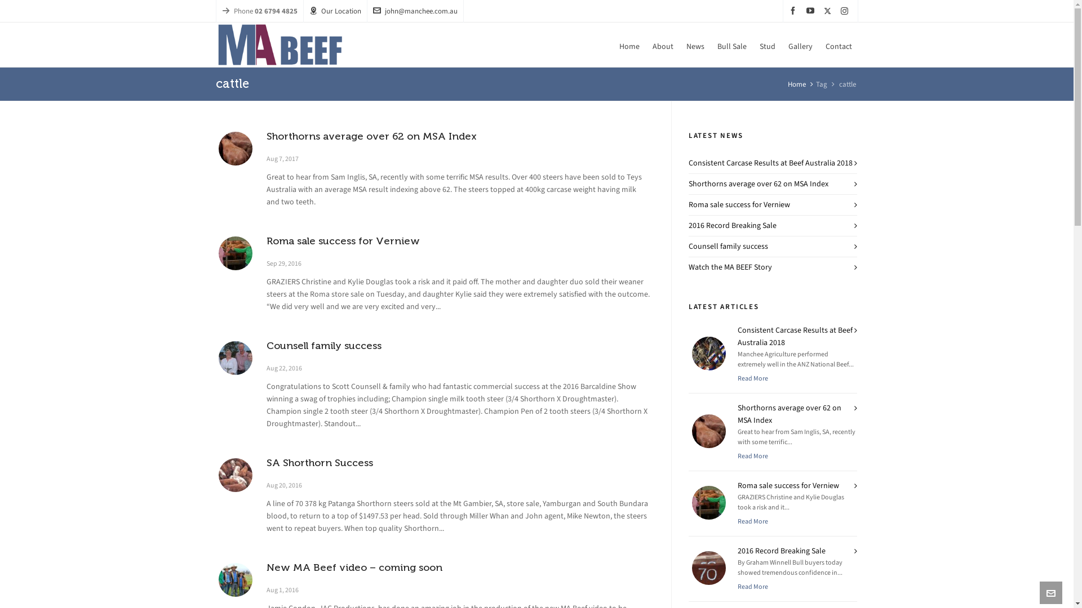  I want to click on 'Home', so click(613, 44).